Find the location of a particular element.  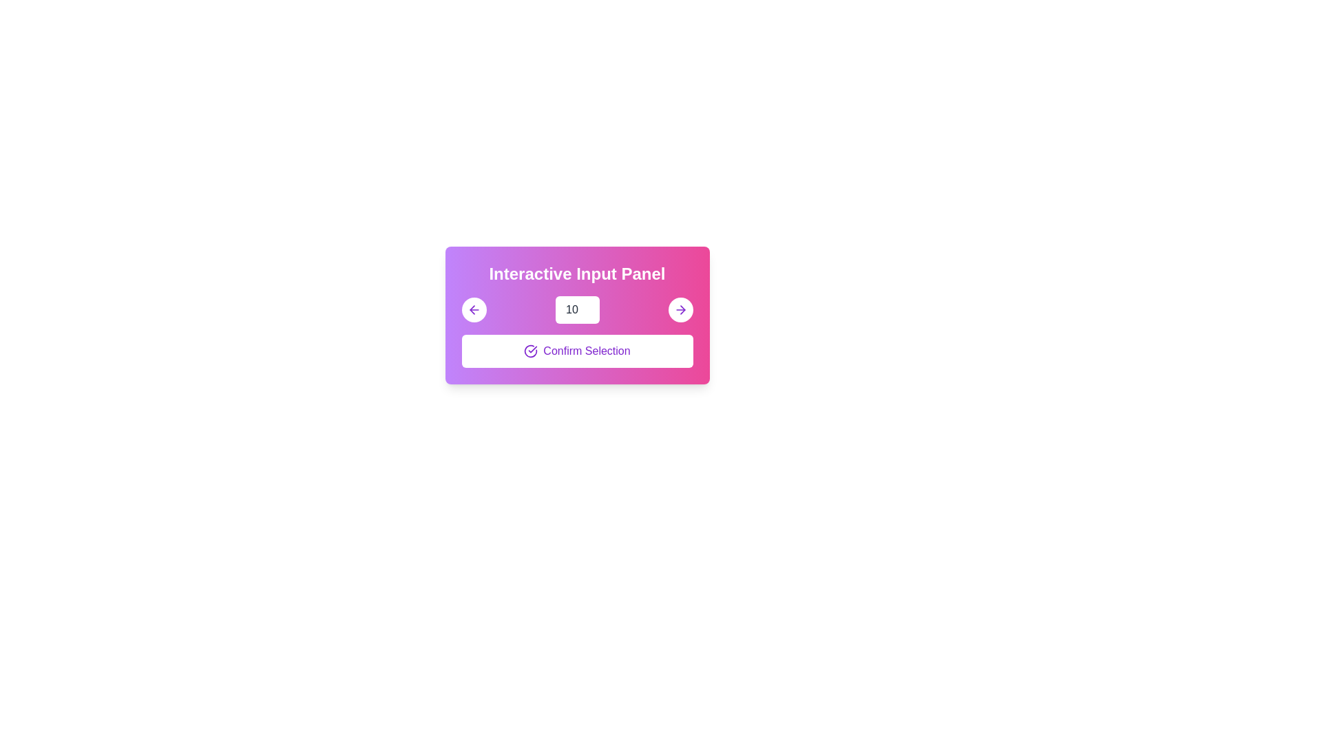

the number input field of the composite UI component combining number input and navigation buttons, located within the 'Interactive Input Panel', to edit the number is located at coordinates (577, 310).